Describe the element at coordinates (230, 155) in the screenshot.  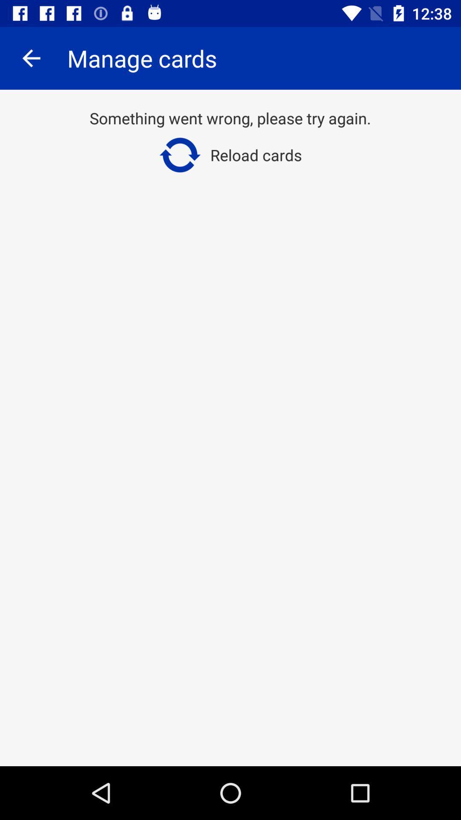
I see `the item below the something went wrong` at that location.